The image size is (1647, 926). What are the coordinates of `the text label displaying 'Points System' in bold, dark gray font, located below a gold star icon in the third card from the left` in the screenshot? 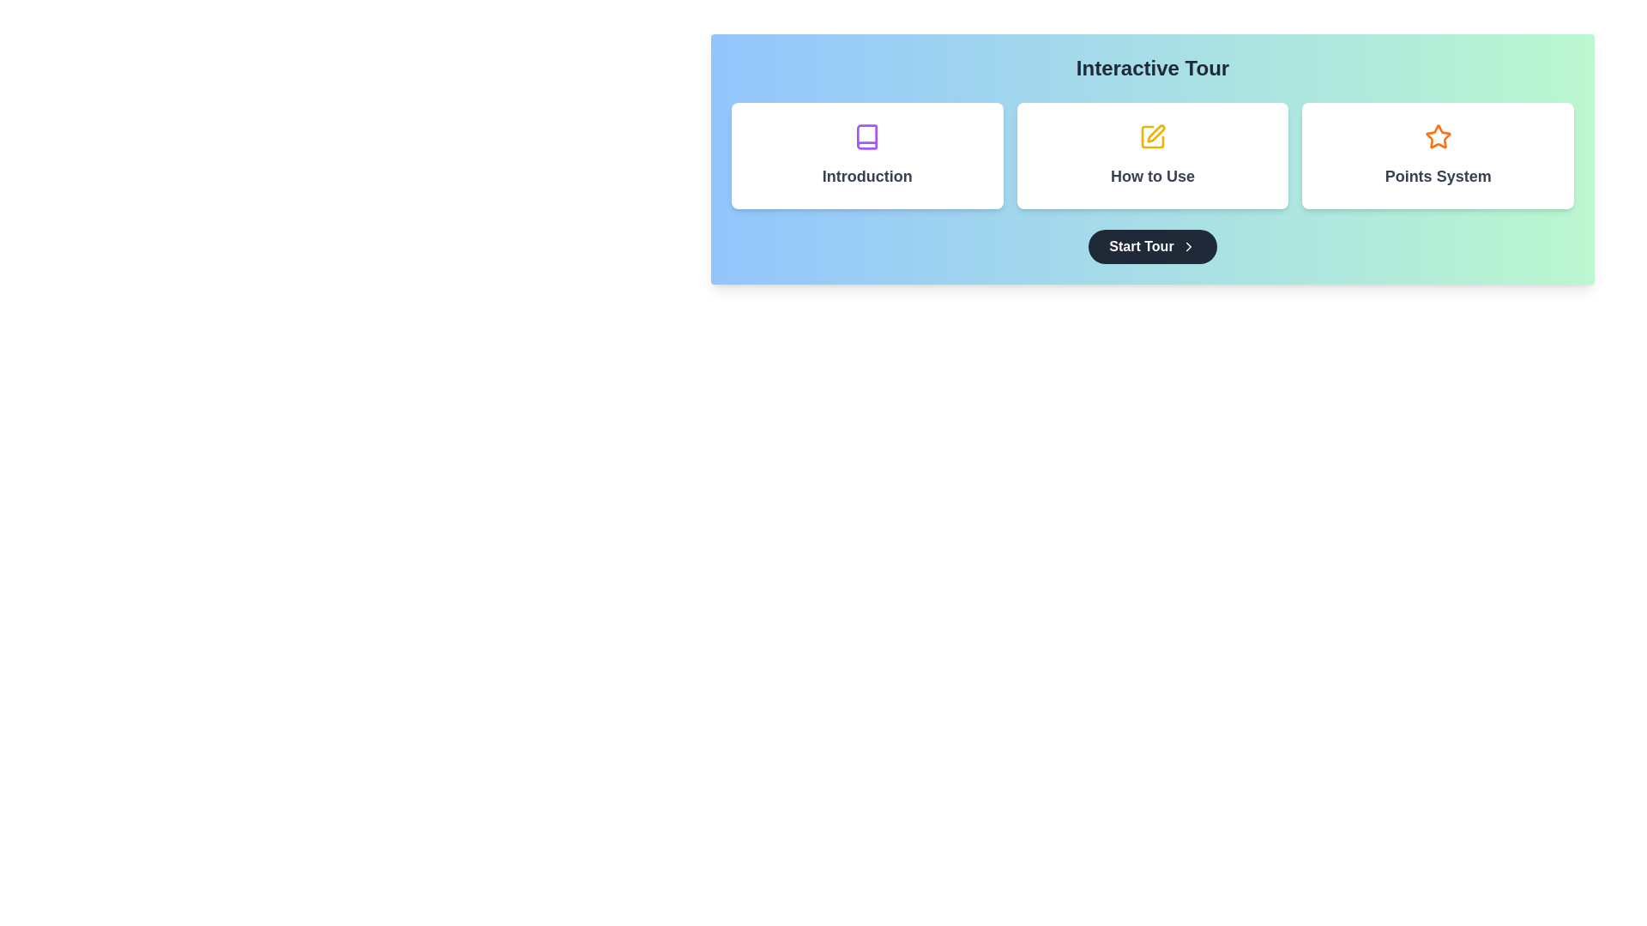 It's located at (1438, 176).